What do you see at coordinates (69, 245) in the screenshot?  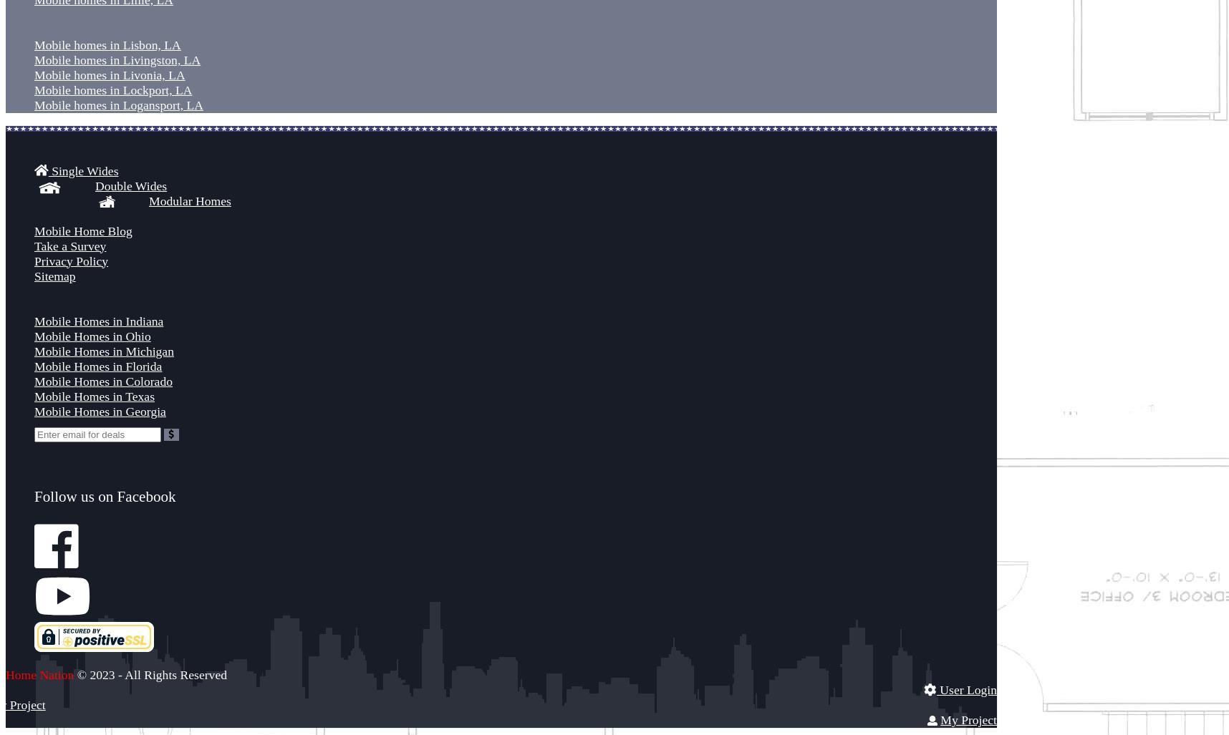 I see `'Take a Survey'` at bounding box center [69, 245].